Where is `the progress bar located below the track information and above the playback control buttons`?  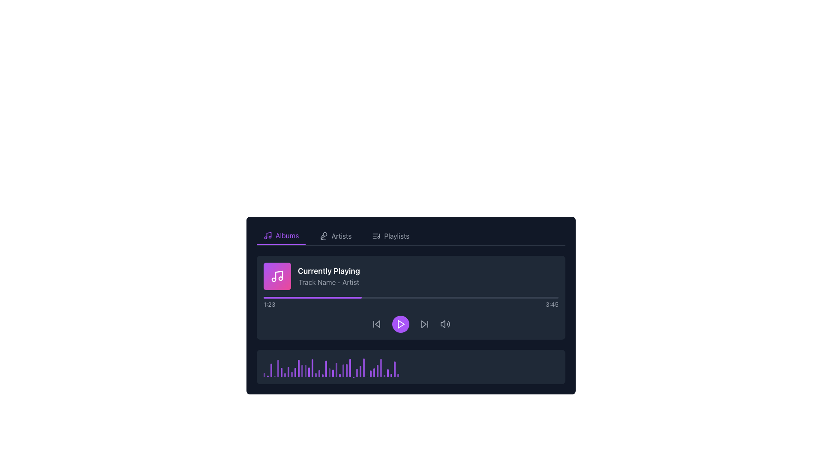
the progress bar located below the track information and above the playback control buttons is located at coordinates (411, 297).